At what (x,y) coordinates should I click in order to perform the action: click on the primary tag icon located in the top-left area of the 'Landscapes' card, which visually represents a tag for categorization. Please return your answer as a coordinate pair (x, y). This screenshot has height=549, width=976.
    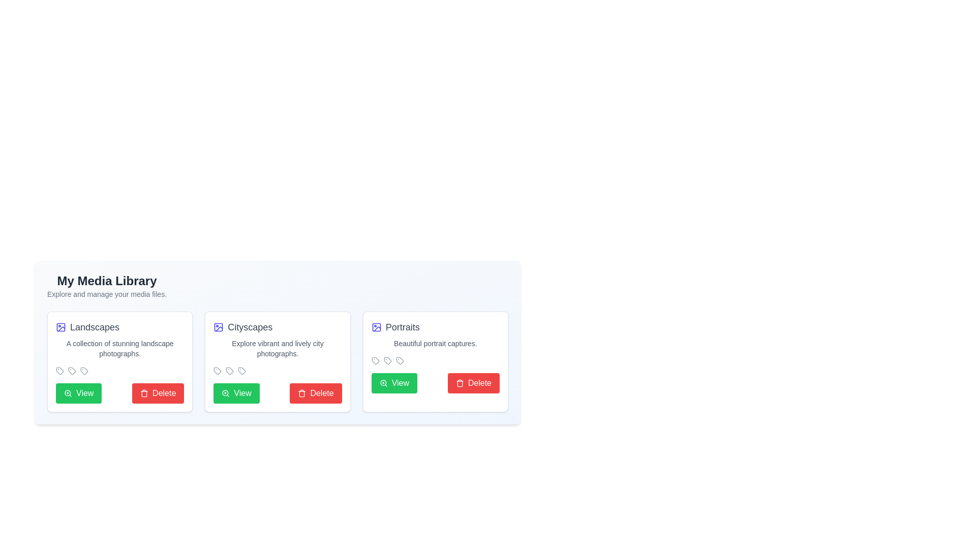
    Looking at the image, I should click on (72, 371).